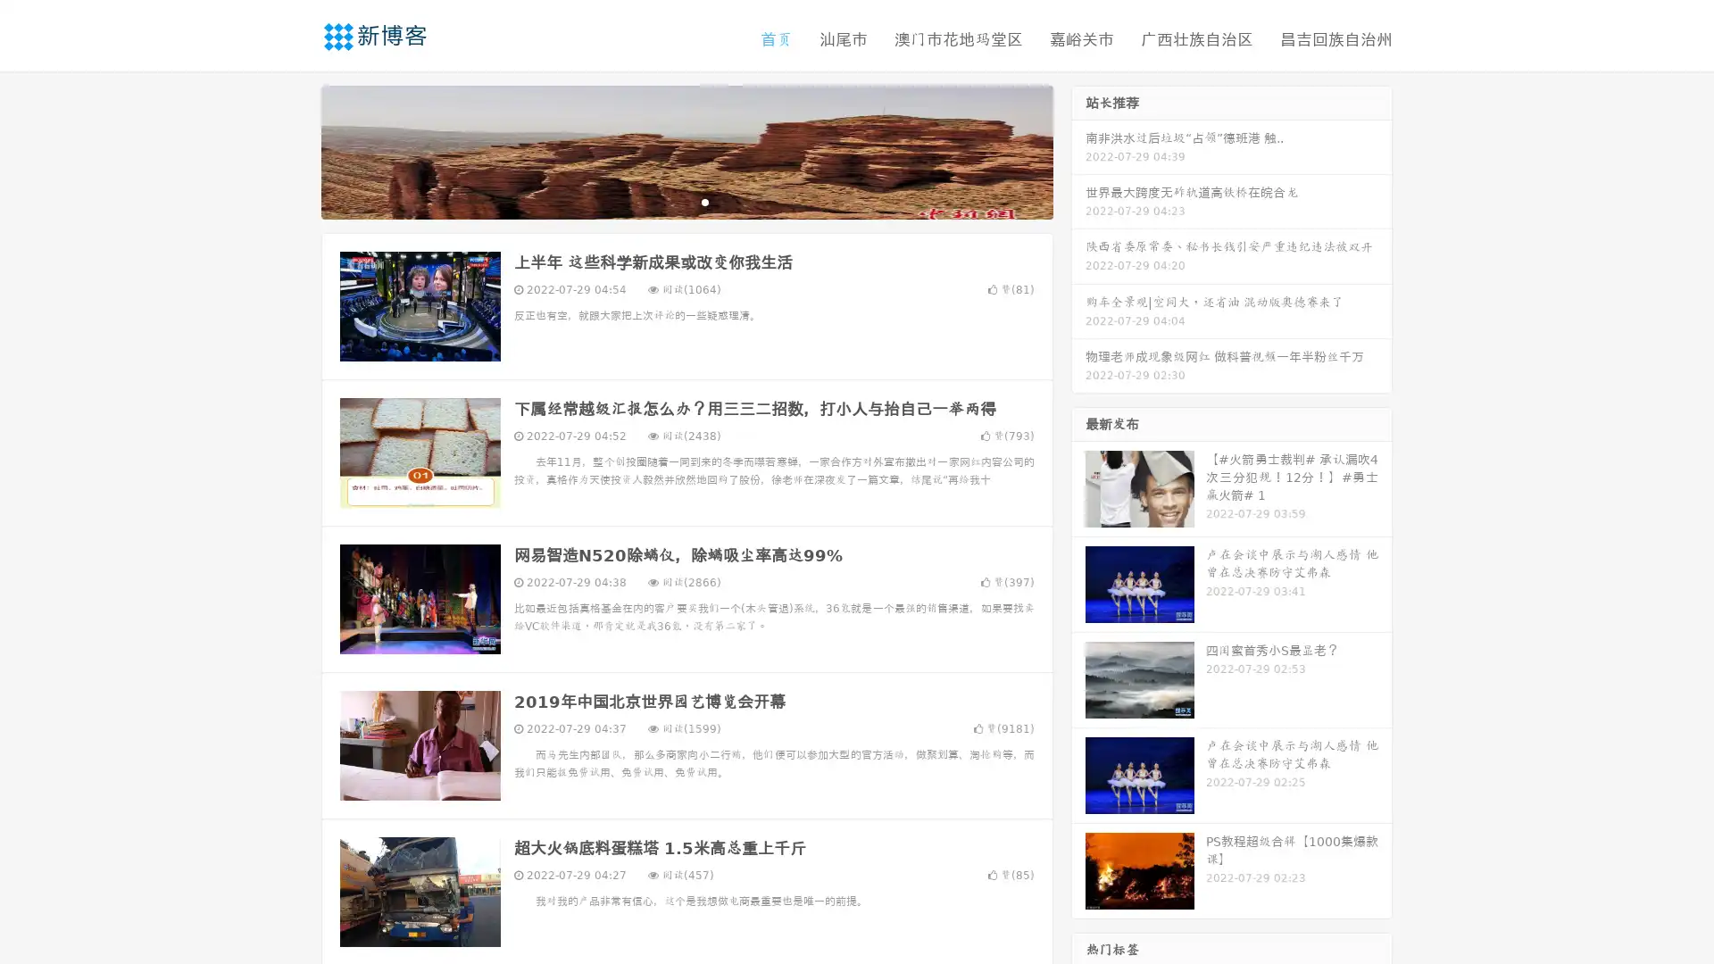 Image resolution: width=1714 pixels, height=964 pixels. What do you see at coordinates (704, 201) in the screenshot?
I see `Go to slide 3` at bounding box center [704, 201].